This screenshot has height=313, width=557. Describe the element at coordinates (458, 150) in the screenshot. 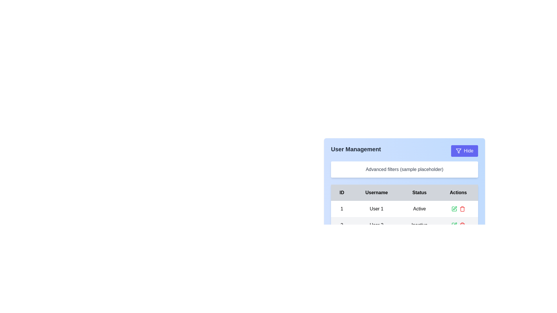

I see `the funnel icon, which is part of the 'Hide' button located at the top right of the 'User Management' interface` at that location.